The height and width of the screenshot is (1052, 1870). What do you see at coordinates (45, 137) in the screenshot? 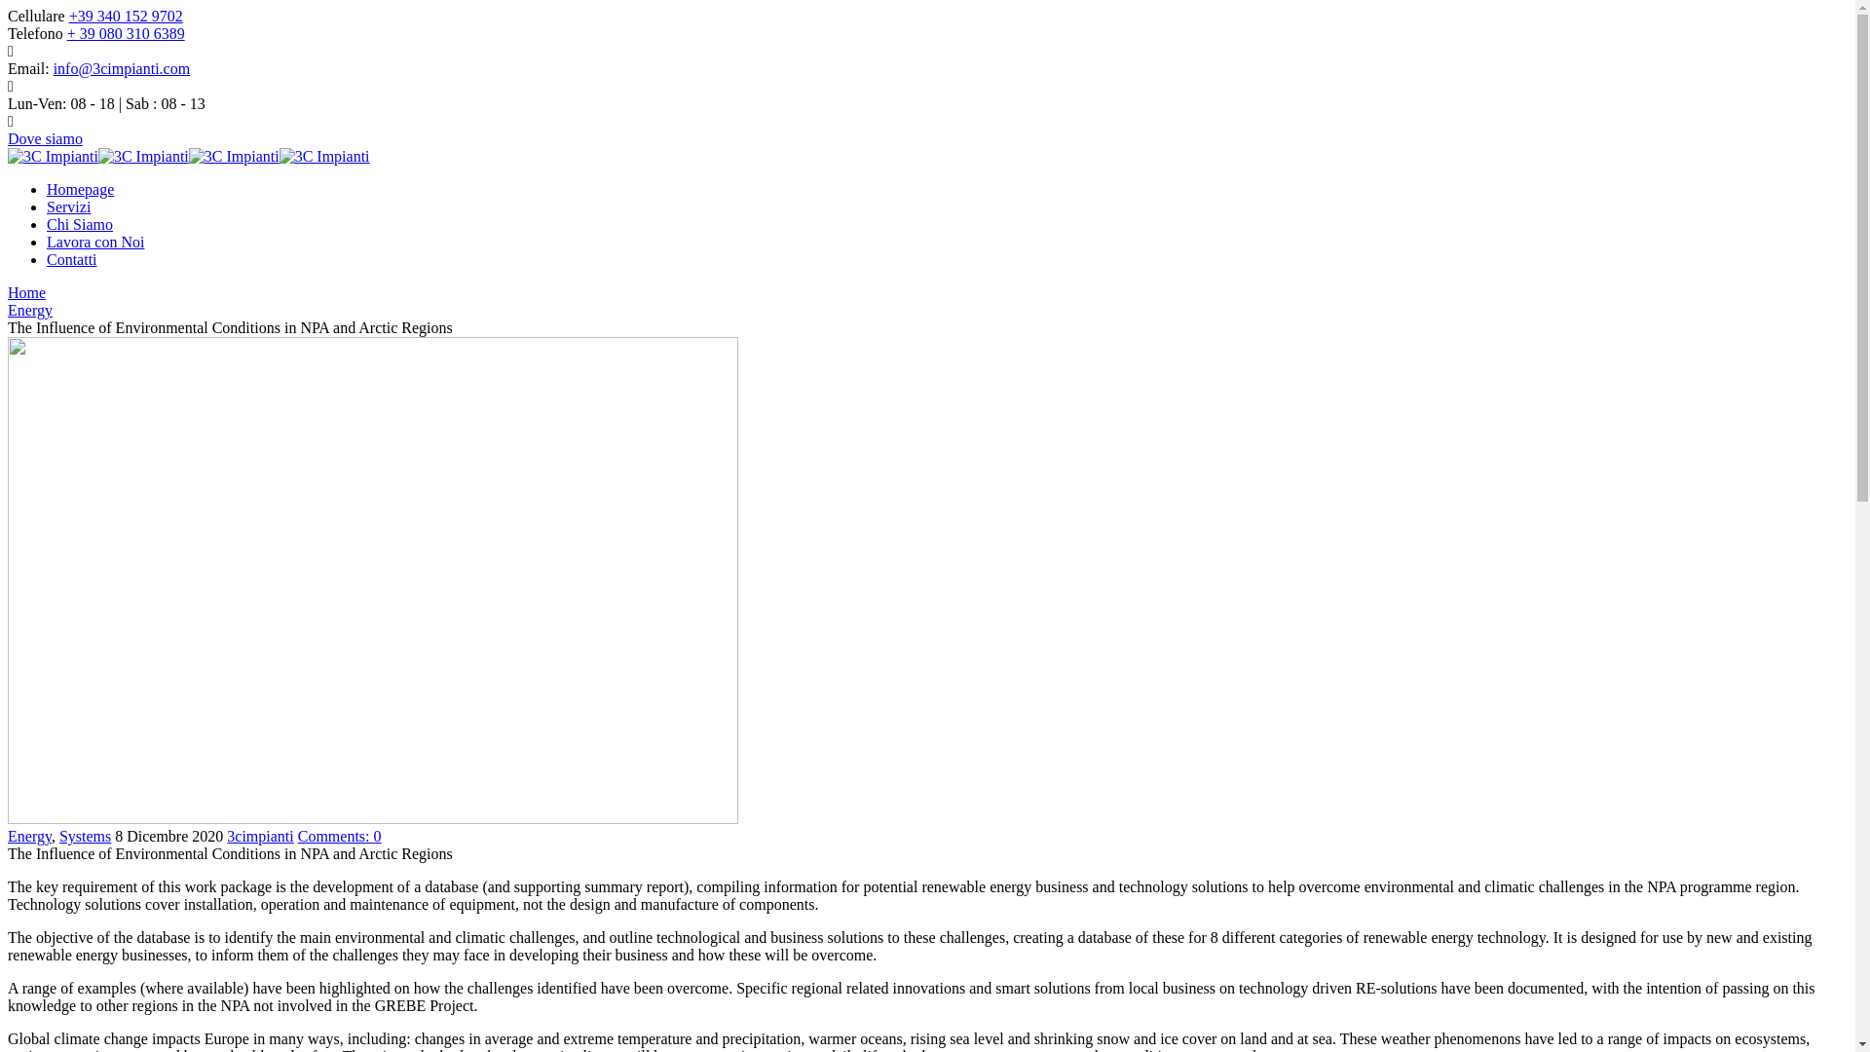
I see `'Dove siamo'` at bounding box center [45, 137].